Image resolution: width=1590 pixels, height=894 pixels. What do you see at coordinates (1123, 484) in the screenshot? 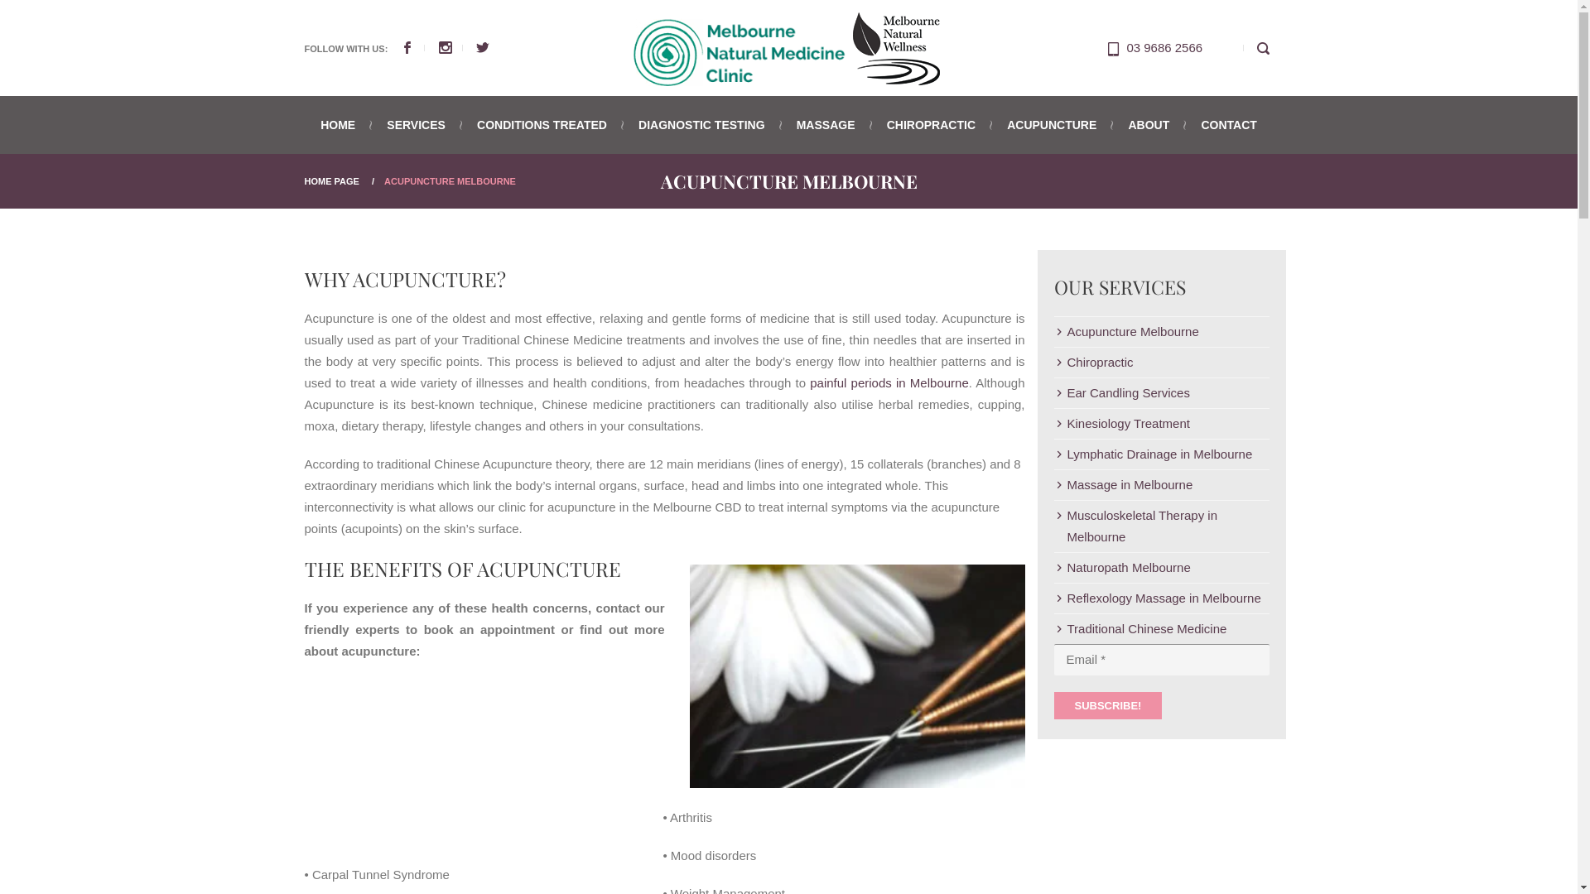
I see `'Massage in Melbourne'` at bounding box center [1123, 484].